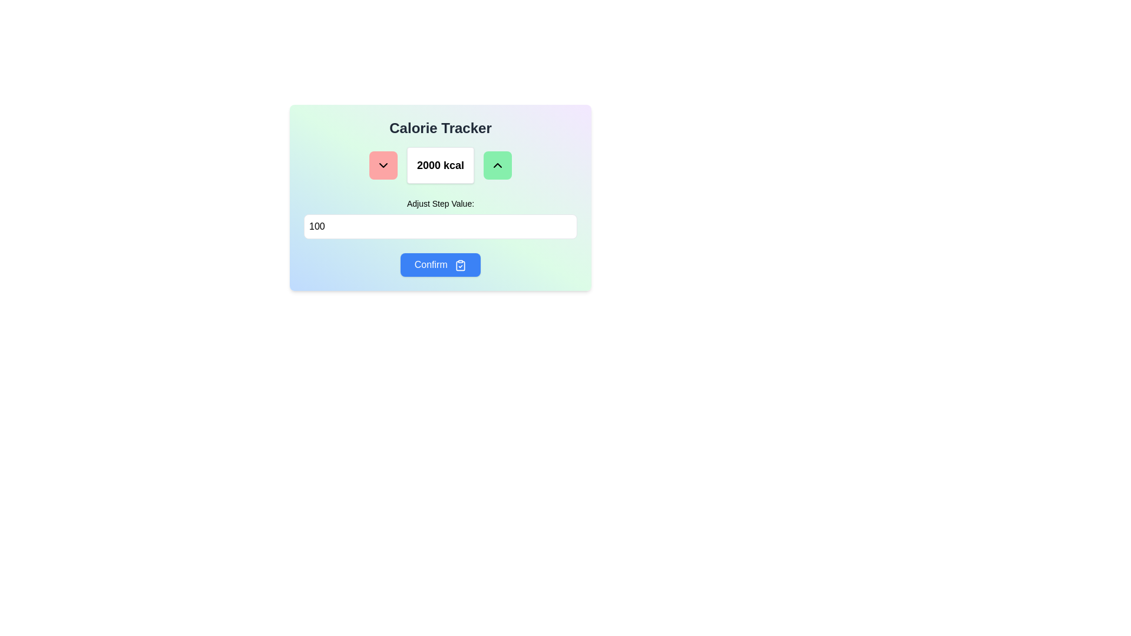 Image resolution: width=1131 pixels, height=636 pixels. Describe the element at coordinates (440, 203) in the screenshot. I see `the text label that reads 'Adjust Step Value:' which is displayed in a medium-sized sans-serif font, centered above an input field in a gradient background` at that location.